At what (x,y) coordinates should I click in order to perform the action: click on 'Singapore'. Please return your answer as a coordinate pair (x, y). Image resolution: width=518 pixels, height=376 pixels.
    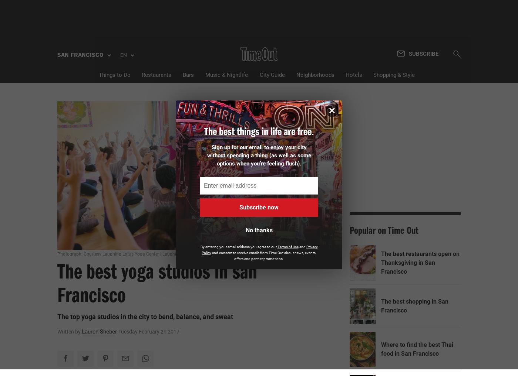
    Looking at the image, I should click on (82, 208).